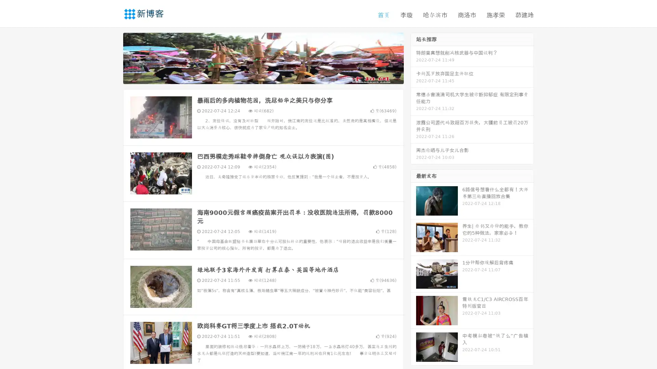  What do you see at coordinates (263, 77) in the screenshot?
I see `Go to slide 2` at bounding box center [263, 77].